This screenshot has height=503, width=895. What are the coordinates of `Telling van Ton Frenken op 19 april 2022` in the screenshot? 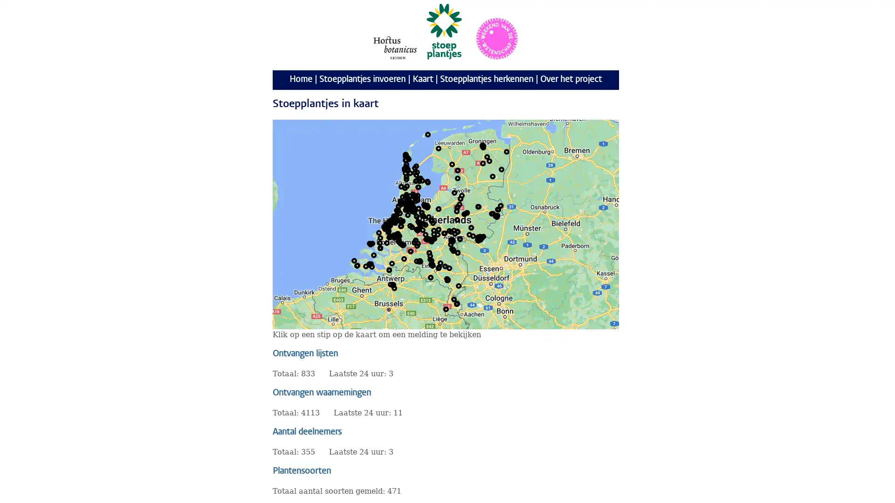 It's located at (447, 279).